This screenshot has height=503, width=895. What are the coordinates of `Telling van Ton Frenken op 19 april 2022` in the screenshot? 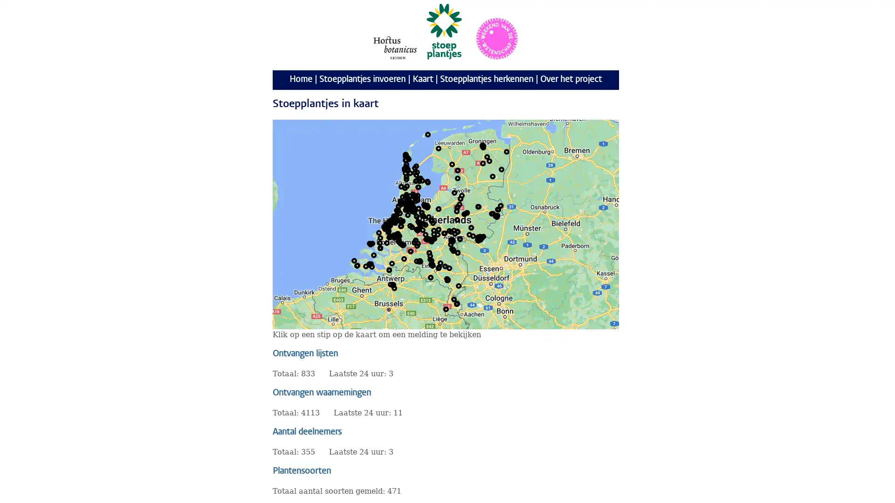 It's located at (447, 279).